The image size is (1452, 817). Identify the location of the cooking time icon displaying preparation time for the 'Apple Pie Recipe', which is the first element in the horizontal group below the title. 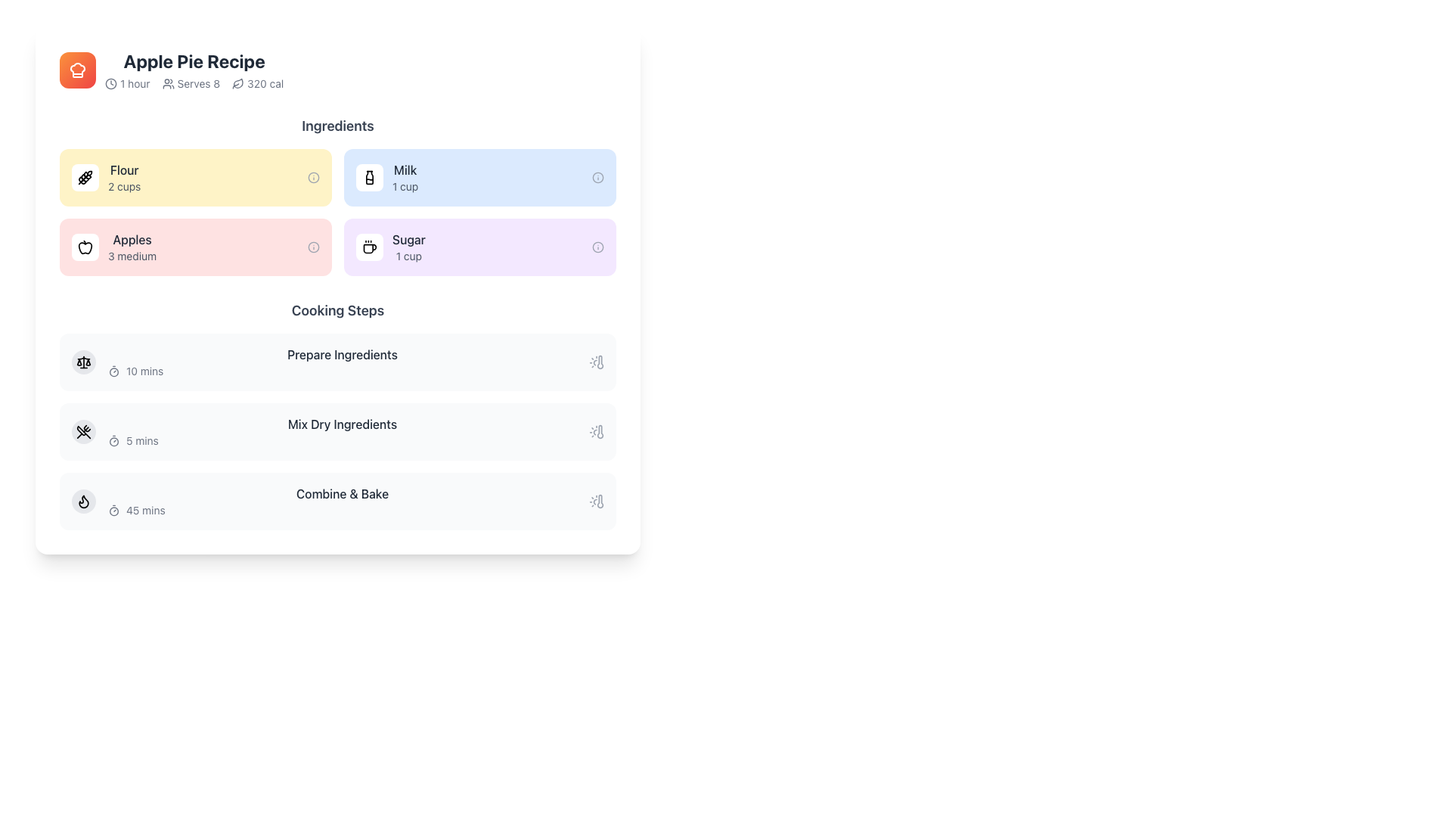
(127, 84).